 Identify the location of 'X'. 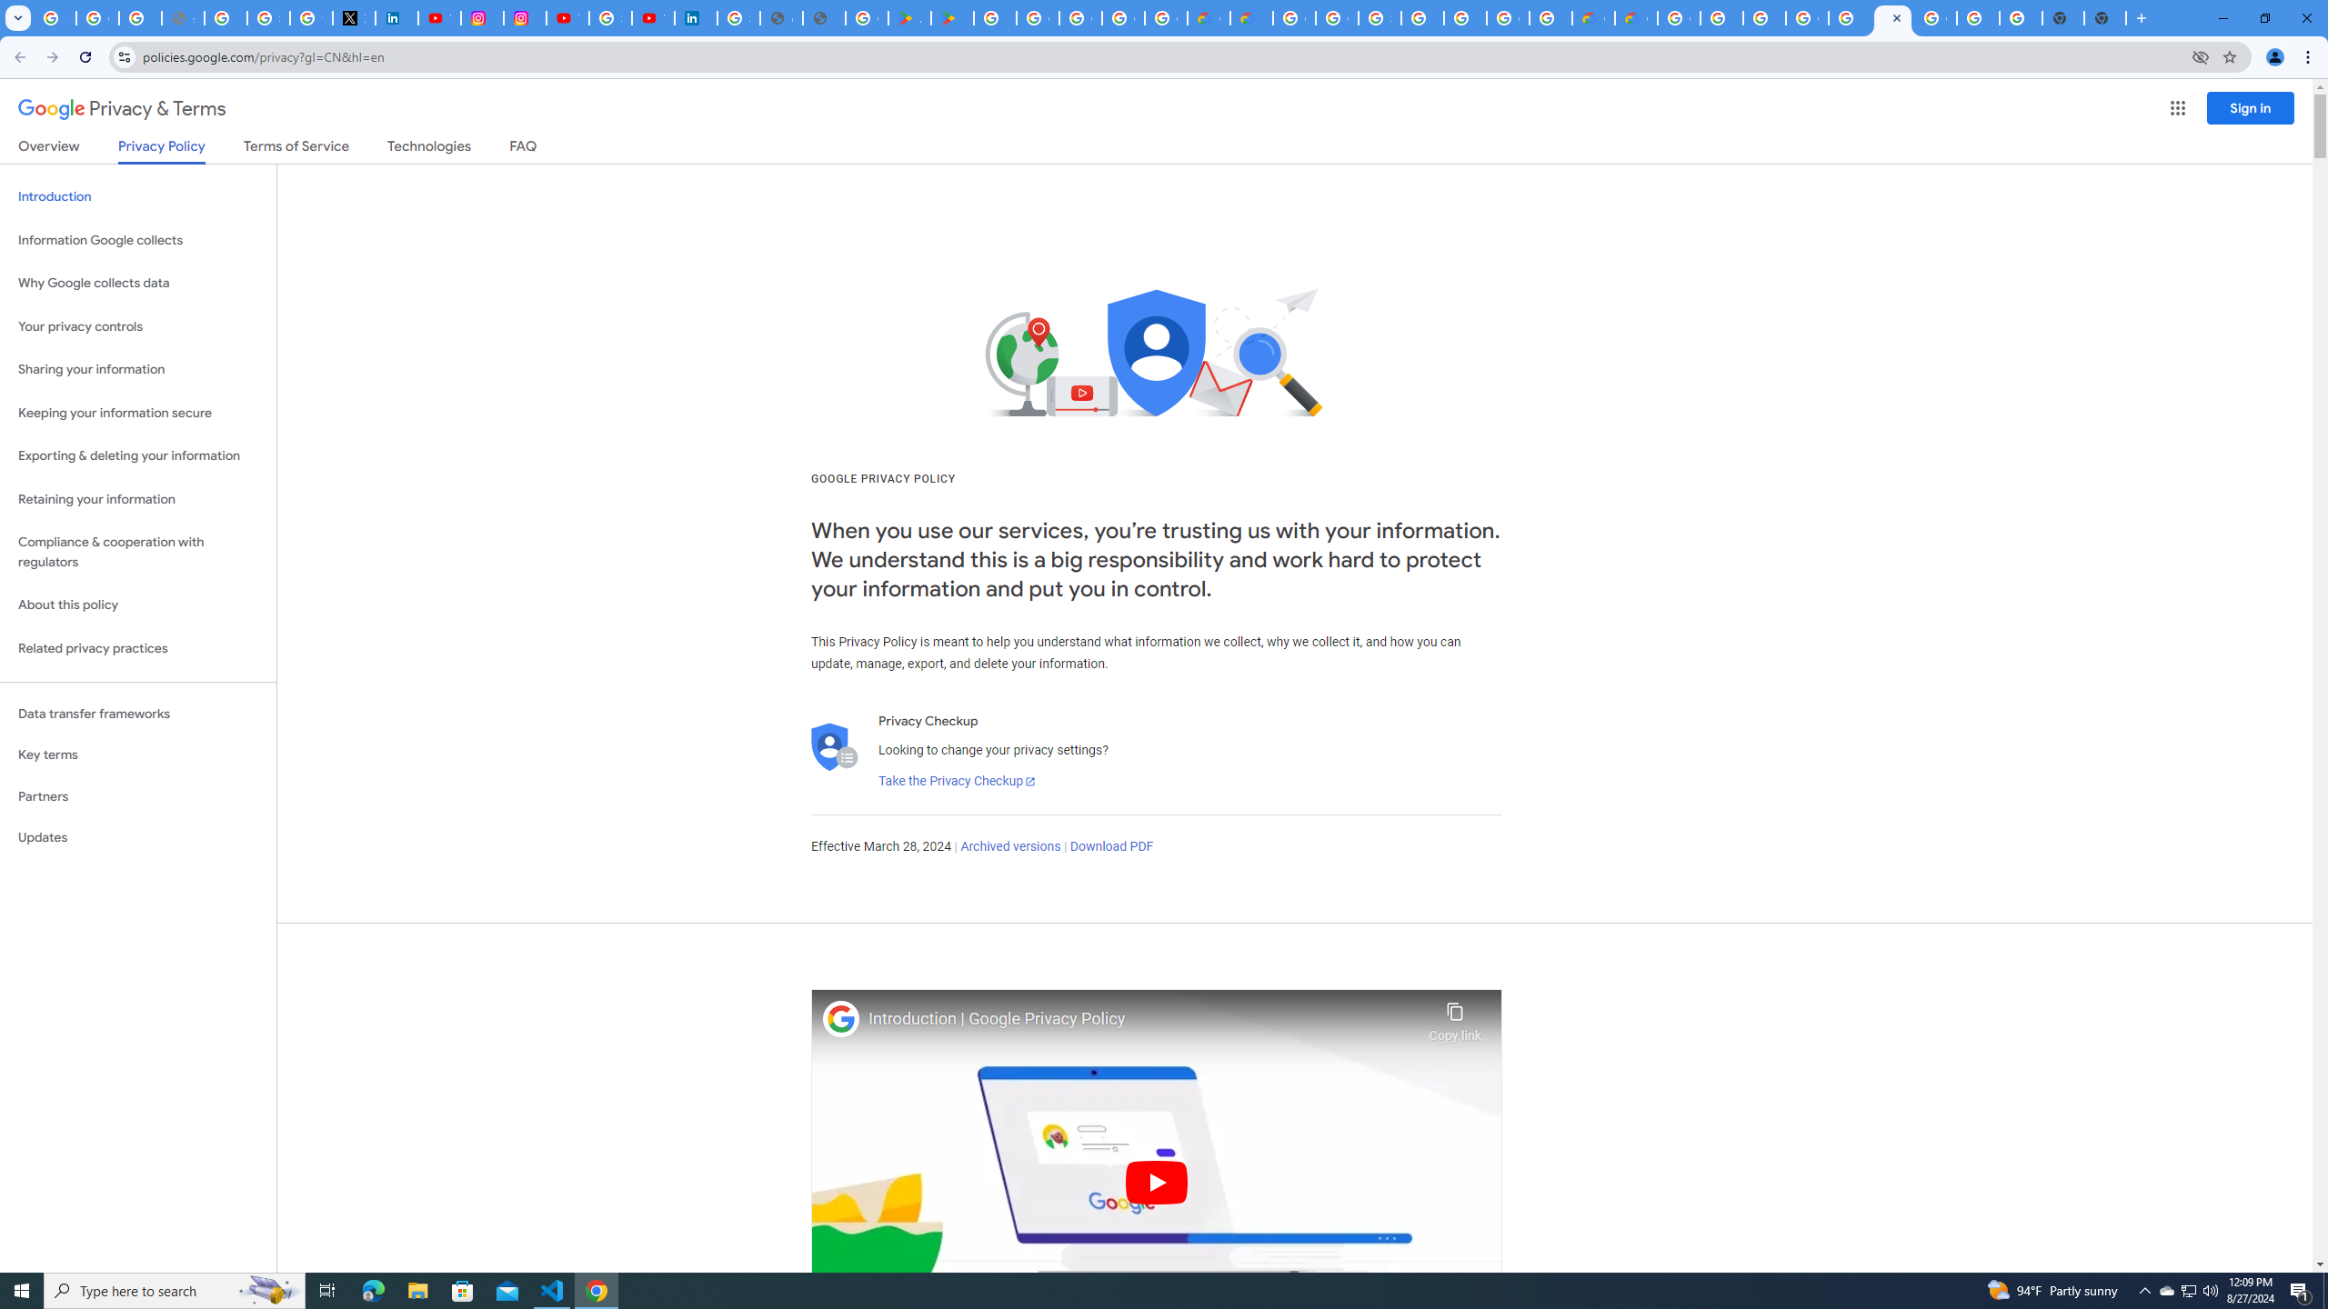
(353, 17).